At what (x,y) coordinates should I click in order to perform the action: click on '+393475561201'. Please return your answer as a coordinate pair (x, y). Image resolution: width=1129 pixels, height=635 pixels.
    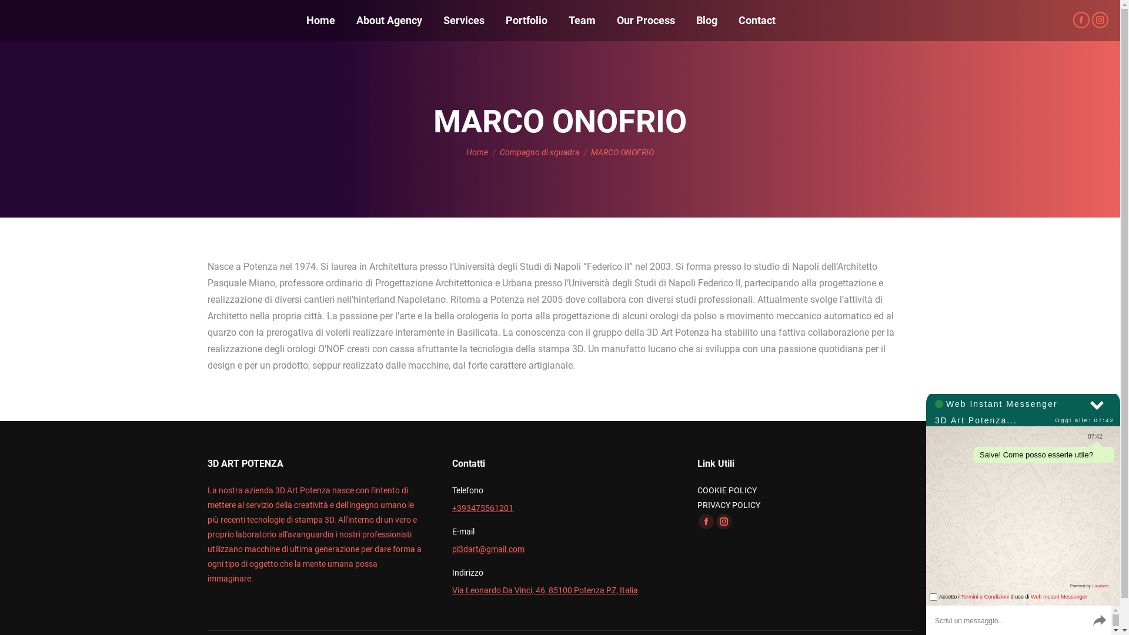
    Looking at the image, I should click on (451, 507).